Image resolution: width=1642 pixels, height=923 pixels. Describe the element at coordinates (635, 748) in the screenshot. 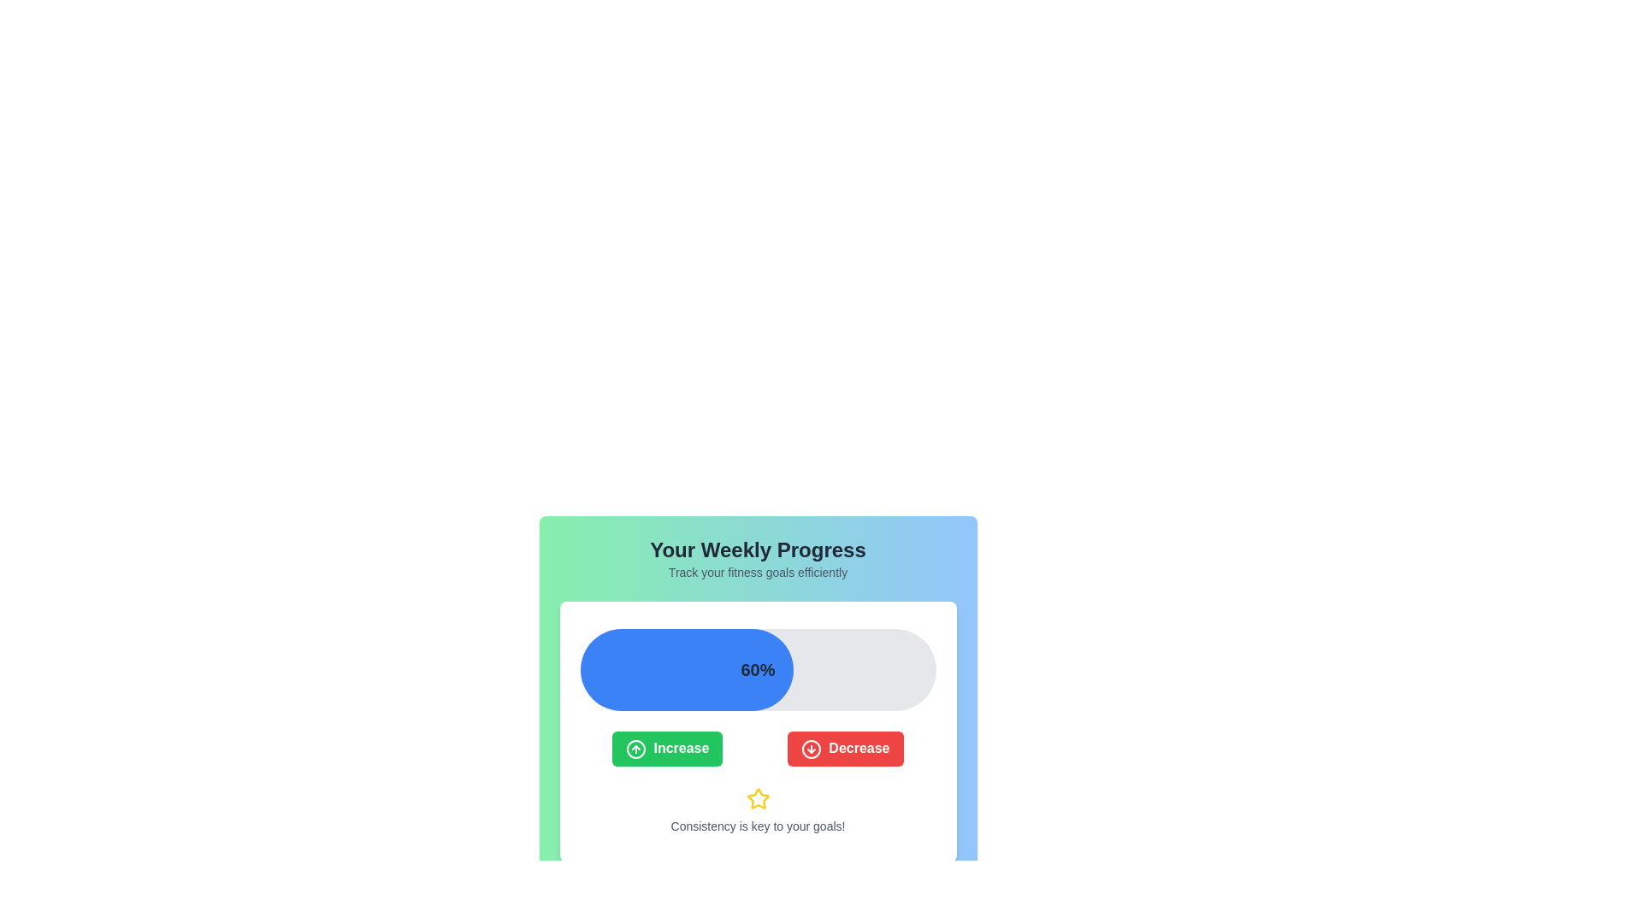

I see `the 'Increase' button, which is visually enhanced by the decorative circular background of the arrow icon located on the left-hand side below the progress bar` at that location.